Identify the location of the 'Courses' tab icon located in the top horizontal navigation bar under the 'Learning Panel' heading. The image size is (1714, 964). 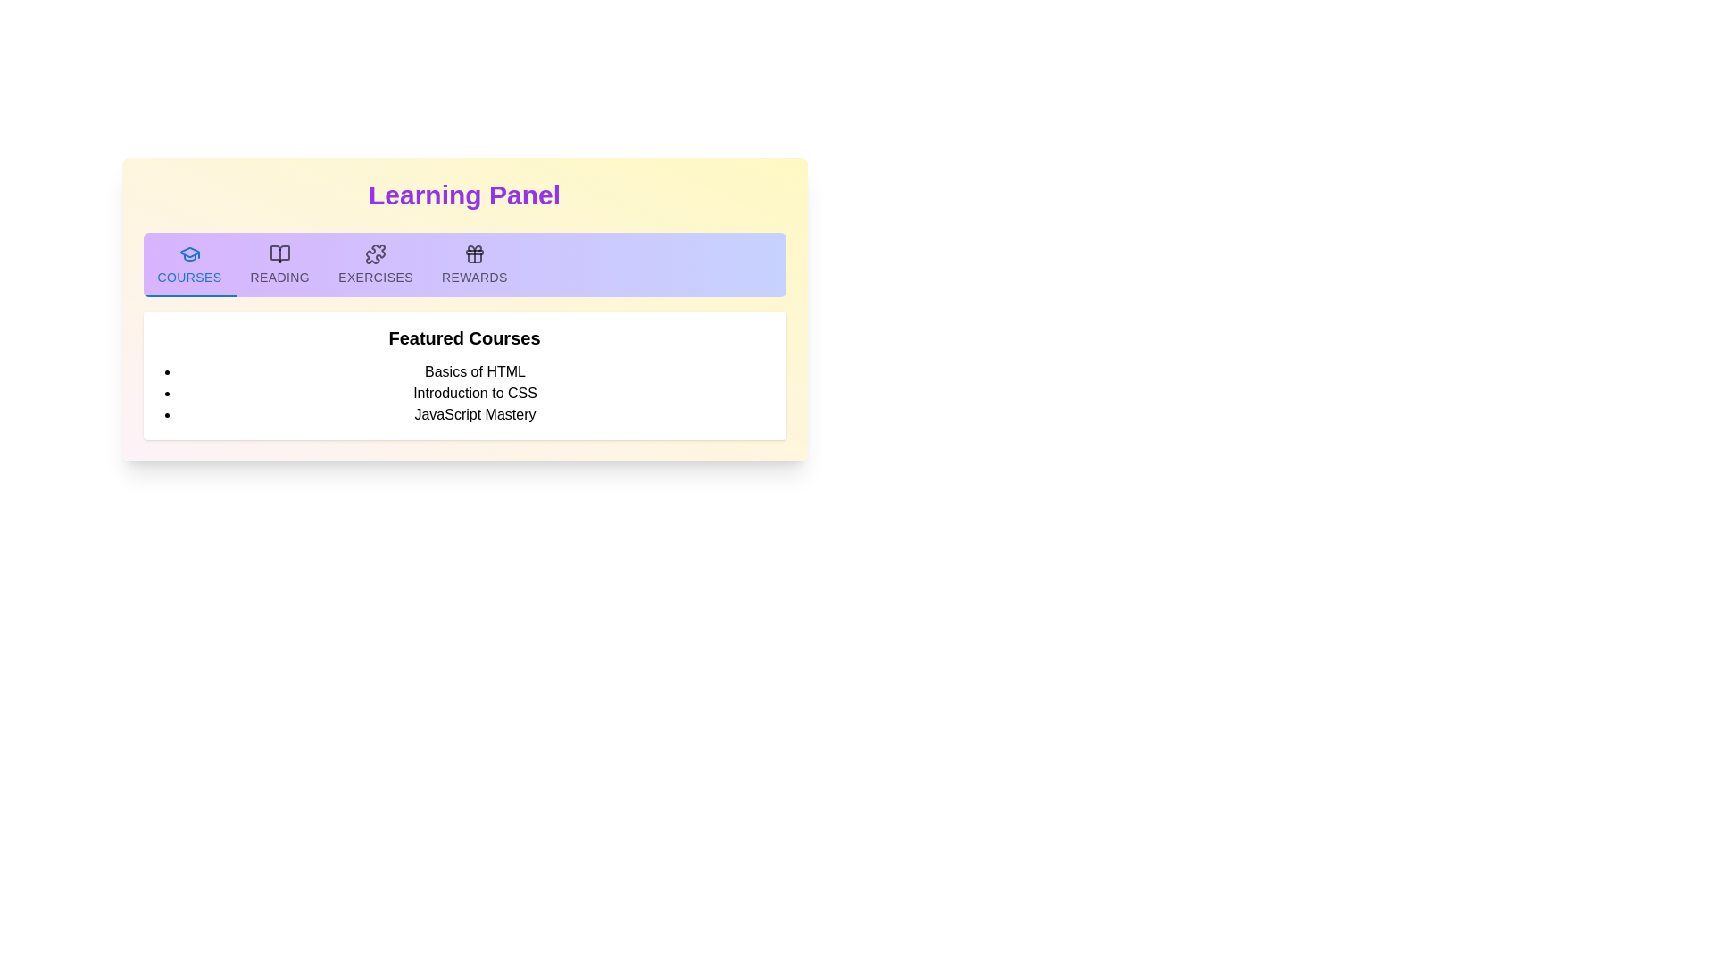
(189, 253).